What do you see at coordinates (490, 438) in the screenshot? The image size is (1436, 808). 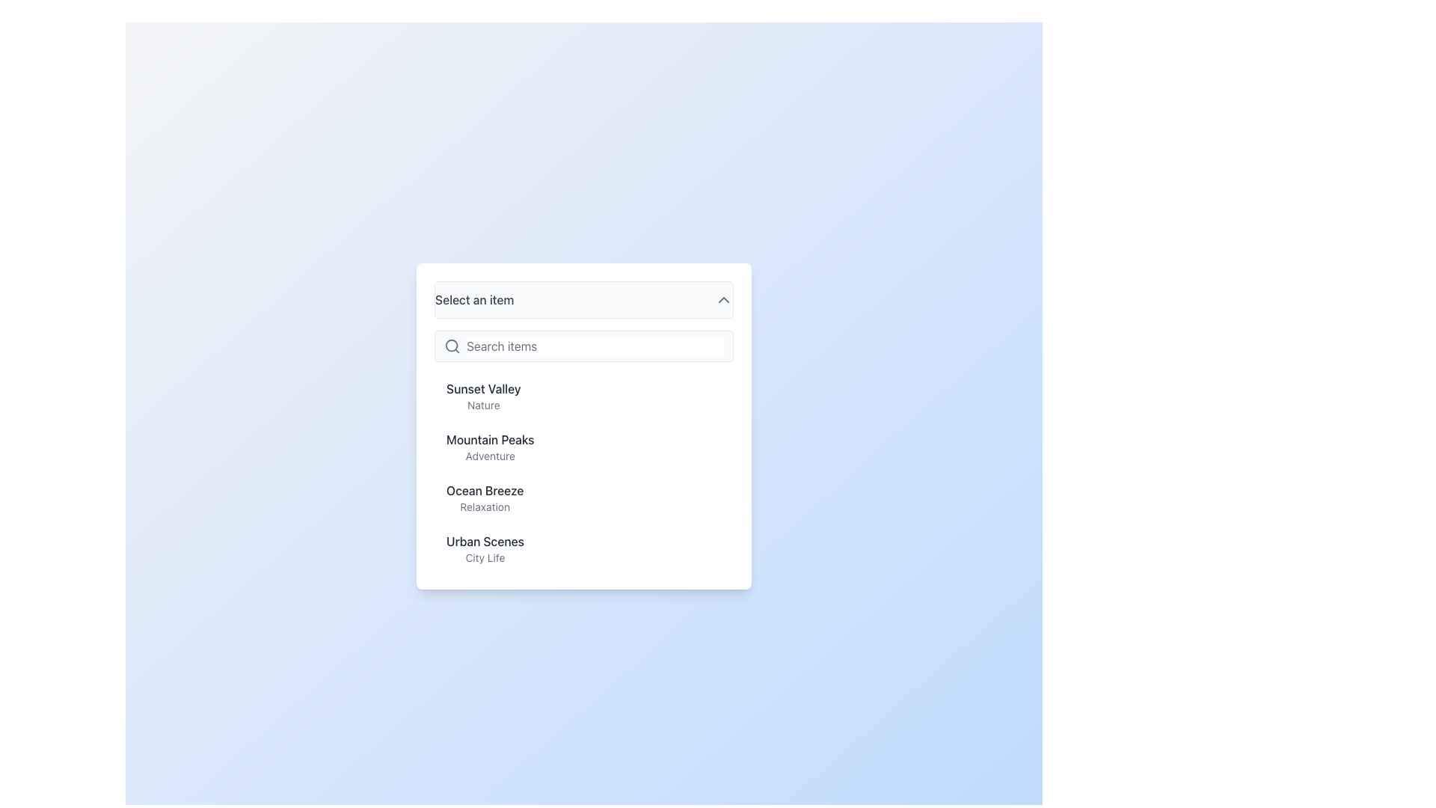 I see `the text label 'Mountain Peaks'` at bounding box center [490, 438].